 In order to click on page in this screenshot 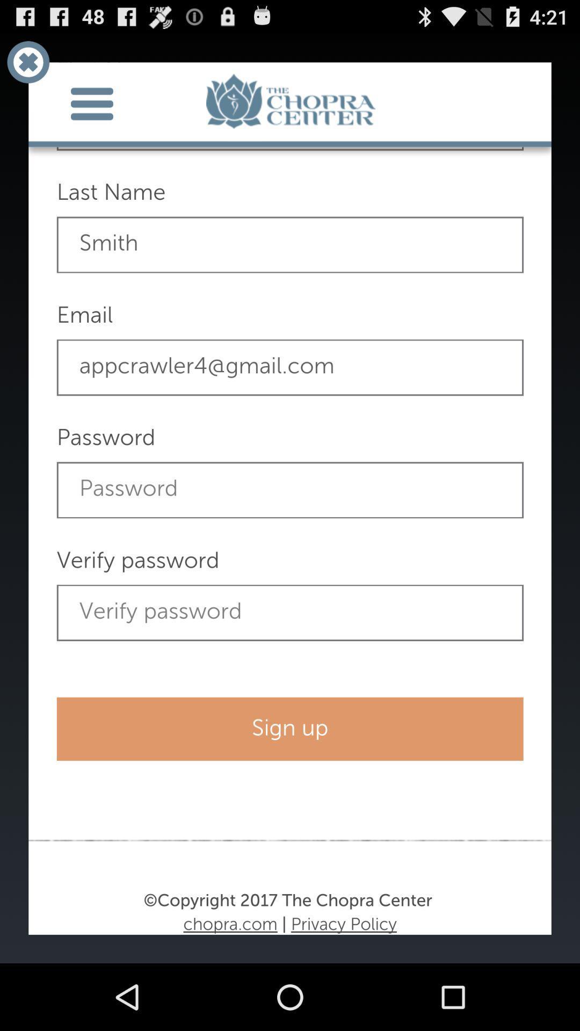, I will do `click(27, 61)`.